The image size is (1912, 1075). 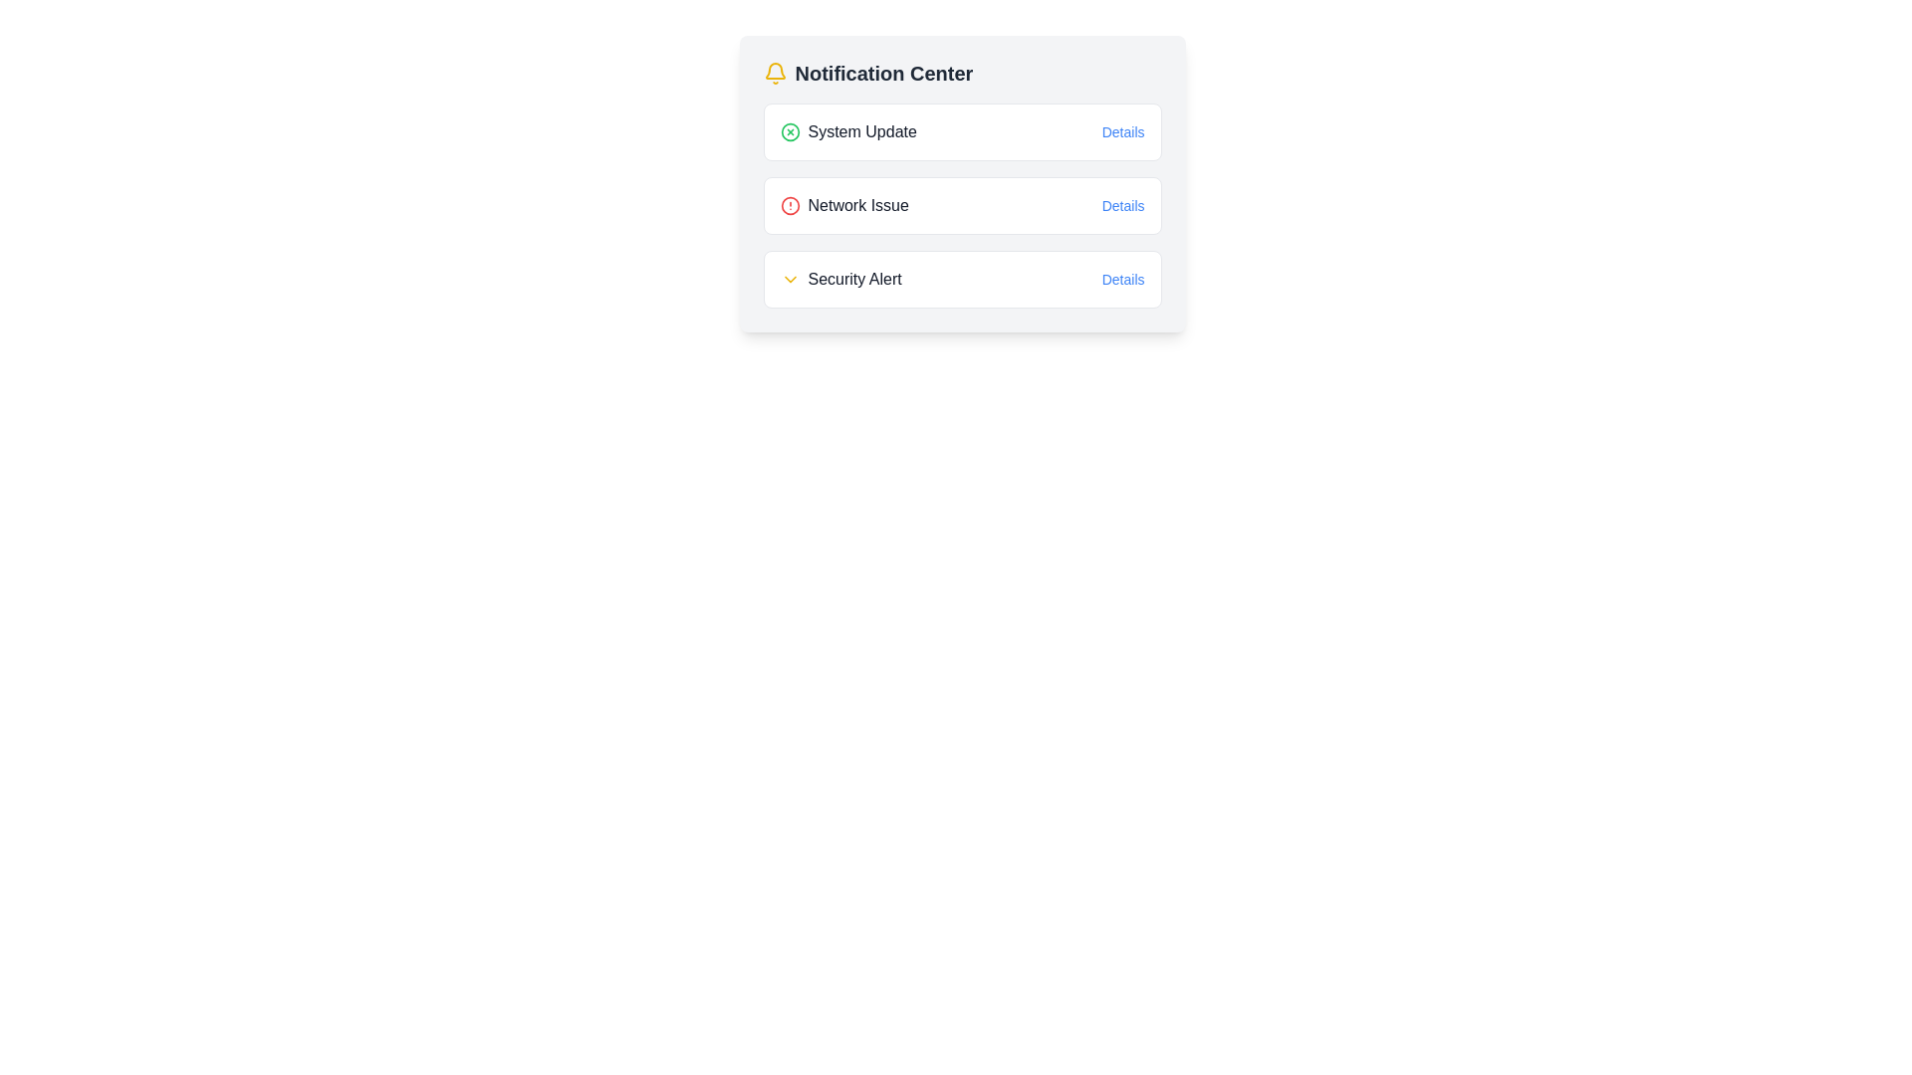 What do you see at coordinates (848, 131) in the screenshot?
I see `text of the first notification entry in the 'Notification Center' which indicates the system update status` at bounding box center [848, 131].